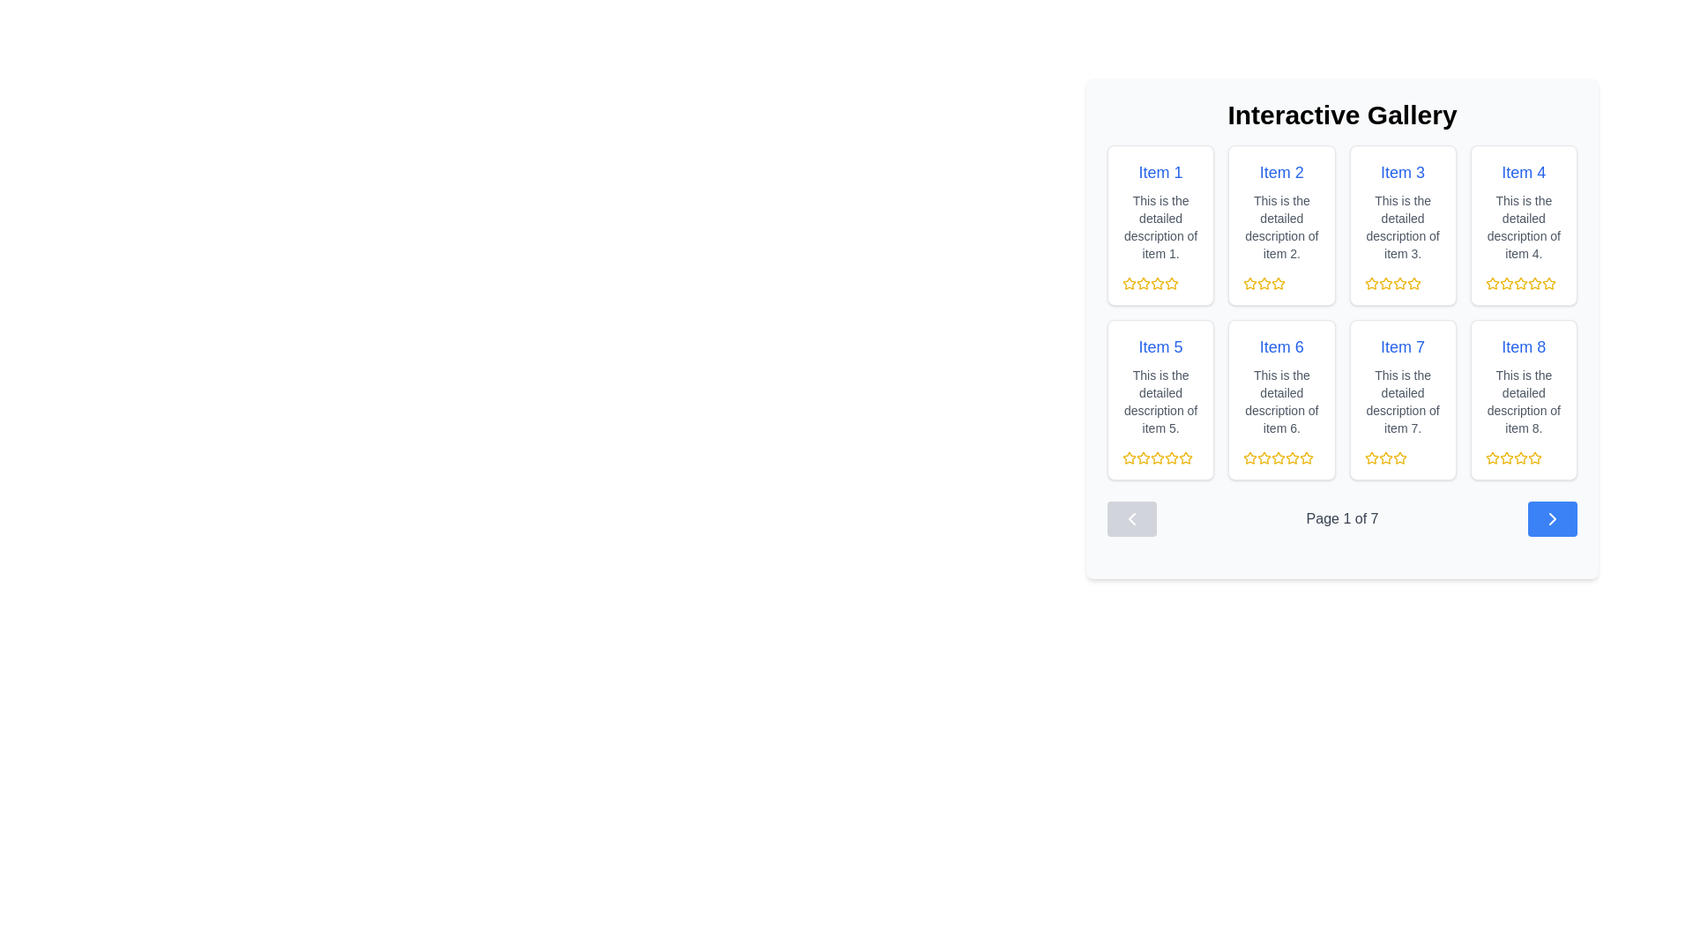 The image size is (1693, 952). I want to click on the text content providing additional descriptive information related to 'Item 1', located in the upper left portion of the gallery grid under the title 'Item 1', so click(1160, 227).